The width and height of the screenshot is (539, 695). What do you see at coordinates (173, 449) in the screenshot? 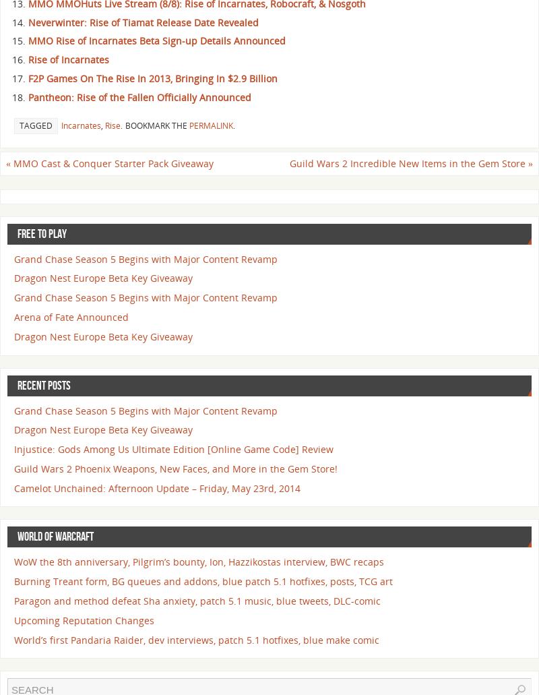
I see `'Injustice: Gods Among Us Ultimate Edition [Online Game Code] Review'` at bounding box center [173, 449].